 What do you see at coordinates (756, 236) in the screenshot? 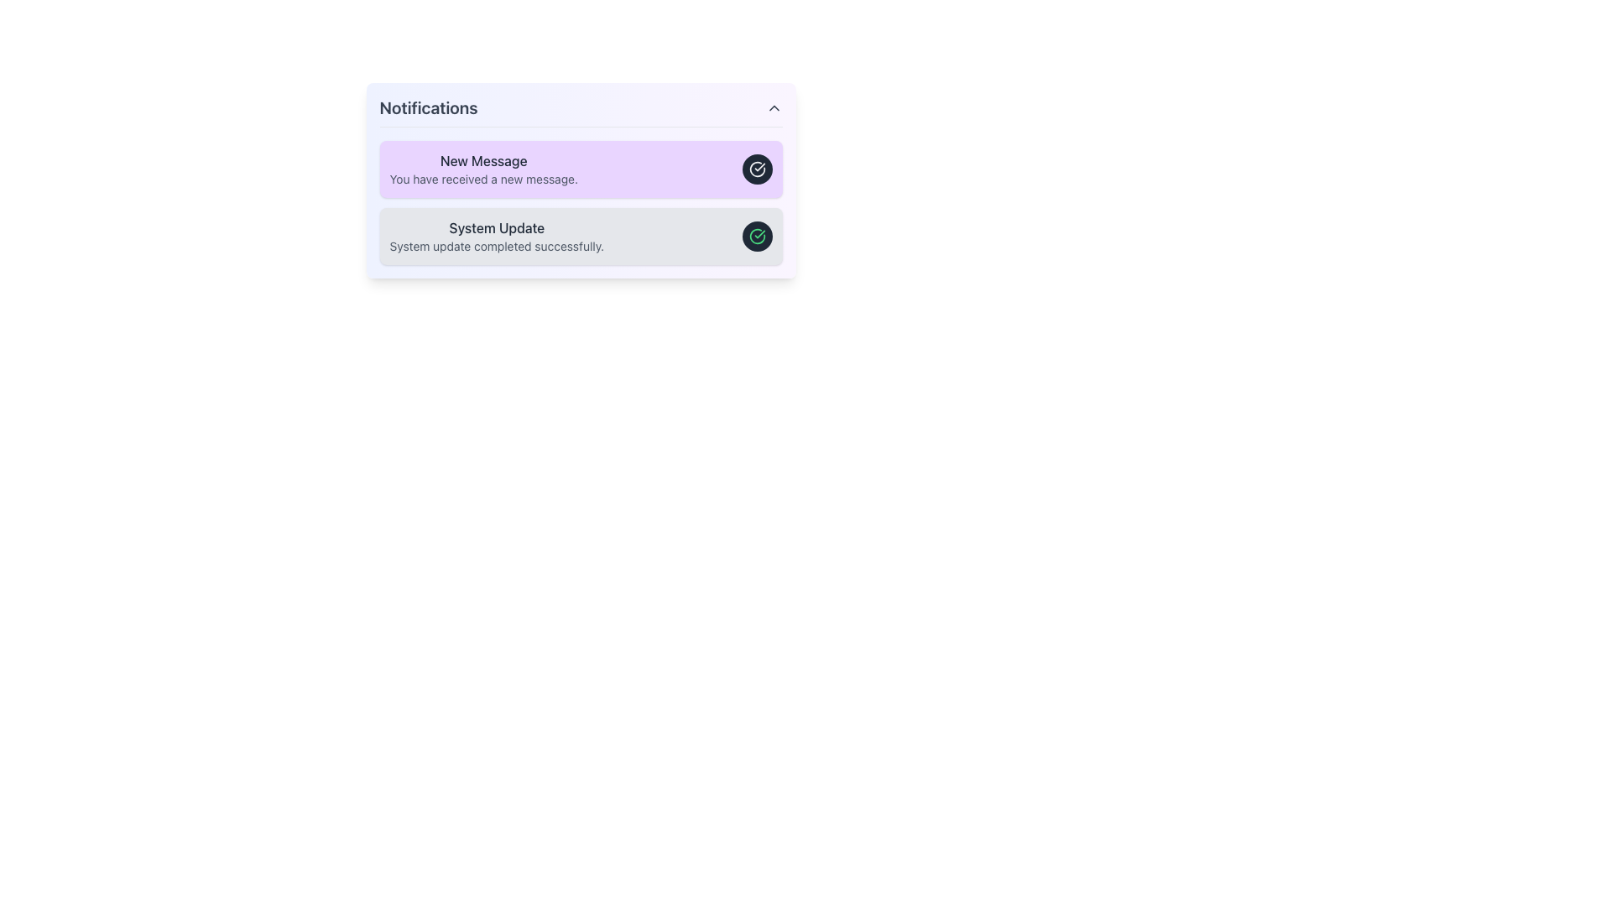
I see `the icon that signifies the successful completion of the system update, located at the bottom right edge of the 'System Update' notification card` at bounding box center [756, 236].